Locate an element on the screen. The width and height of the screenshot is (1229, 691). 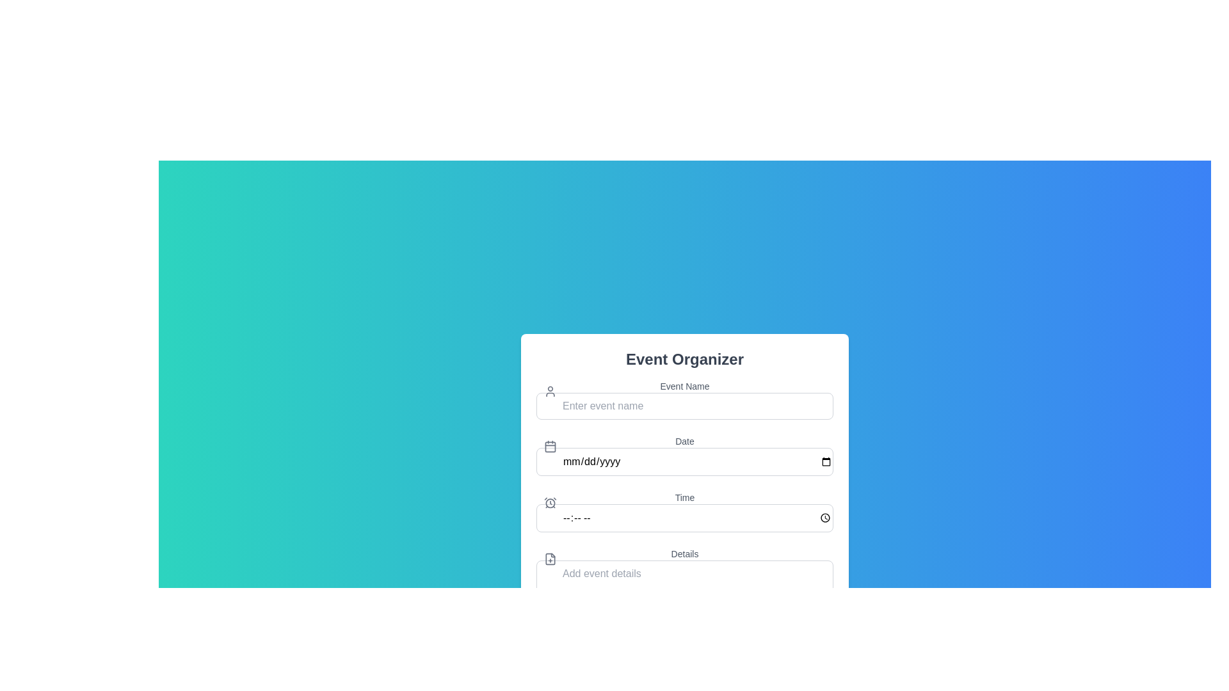
the user profile icon, which is a minimalistic gray line art representation located to the left of the 'Event Name' text input field is located at coordinates (550, 390).